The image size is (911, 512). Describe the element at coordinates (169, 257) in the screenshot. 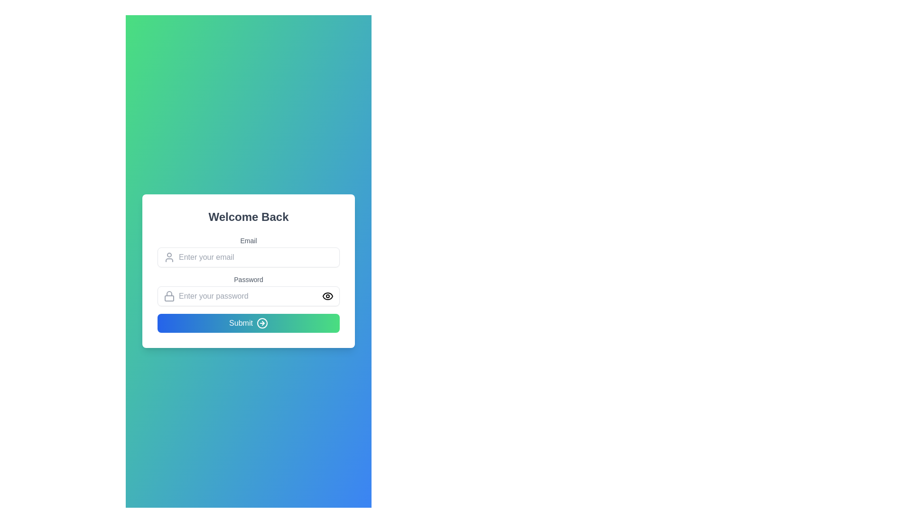

I see `the icon that signifies the purpose of the adjacent email input field, which is positioned to the left of the email input box and aligned vertically at its center` at that location.